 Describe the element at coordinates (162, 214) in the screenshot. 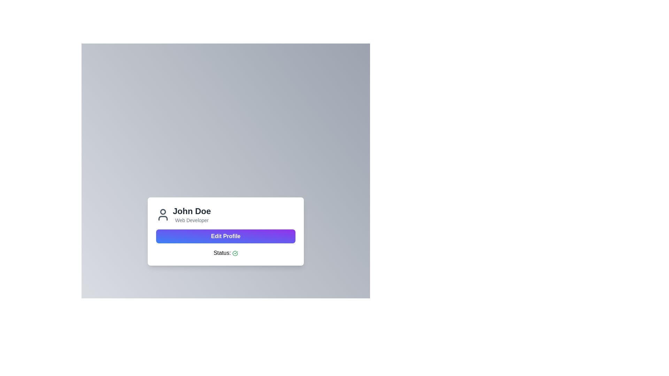

I see `the user profile silhouette icon, which is a gray minimalist design located to the left of the text 'John Doe Web Developer'` at that location.